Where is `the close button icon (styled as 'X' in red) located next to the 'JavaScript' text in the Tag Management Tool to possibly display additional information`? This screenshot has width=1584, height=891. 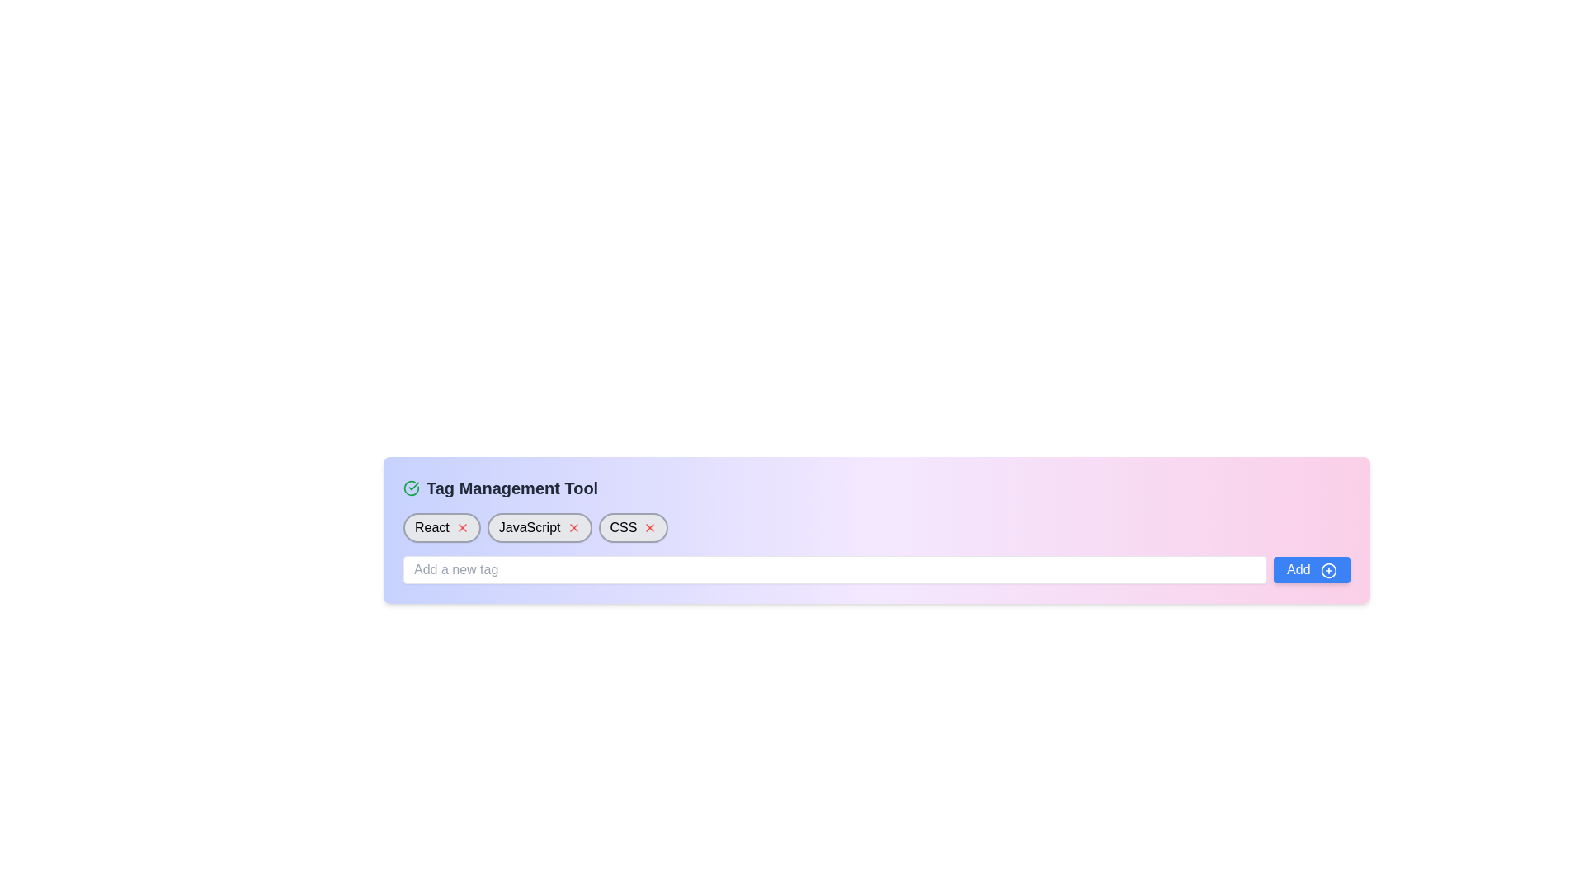
the close button icon (styled as 'X' in red) located next to the 'JavaScript' text in the Tag Management Tool to possibly display additional information is located at coordinates (573, 528).